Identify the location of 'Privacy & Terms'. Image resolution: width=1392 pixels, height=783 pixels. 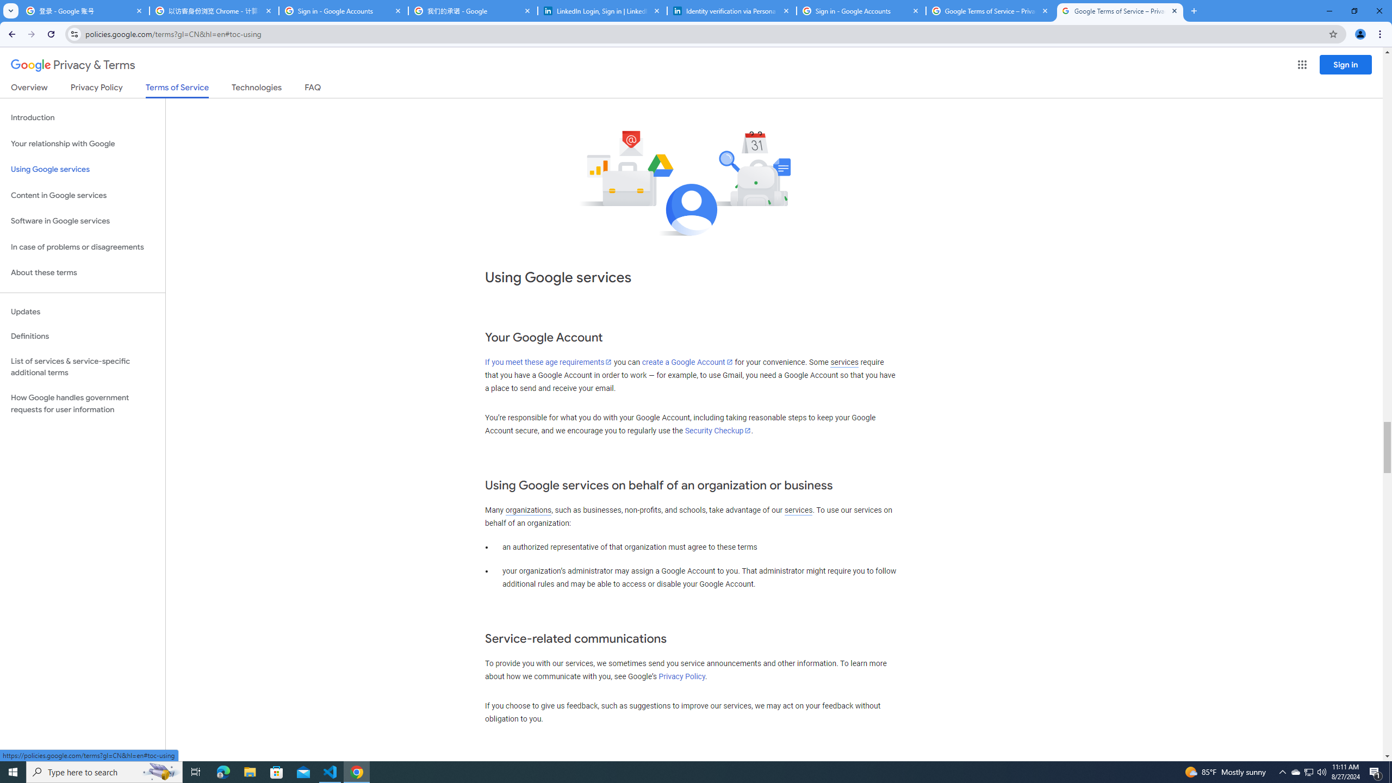
(73, 65).